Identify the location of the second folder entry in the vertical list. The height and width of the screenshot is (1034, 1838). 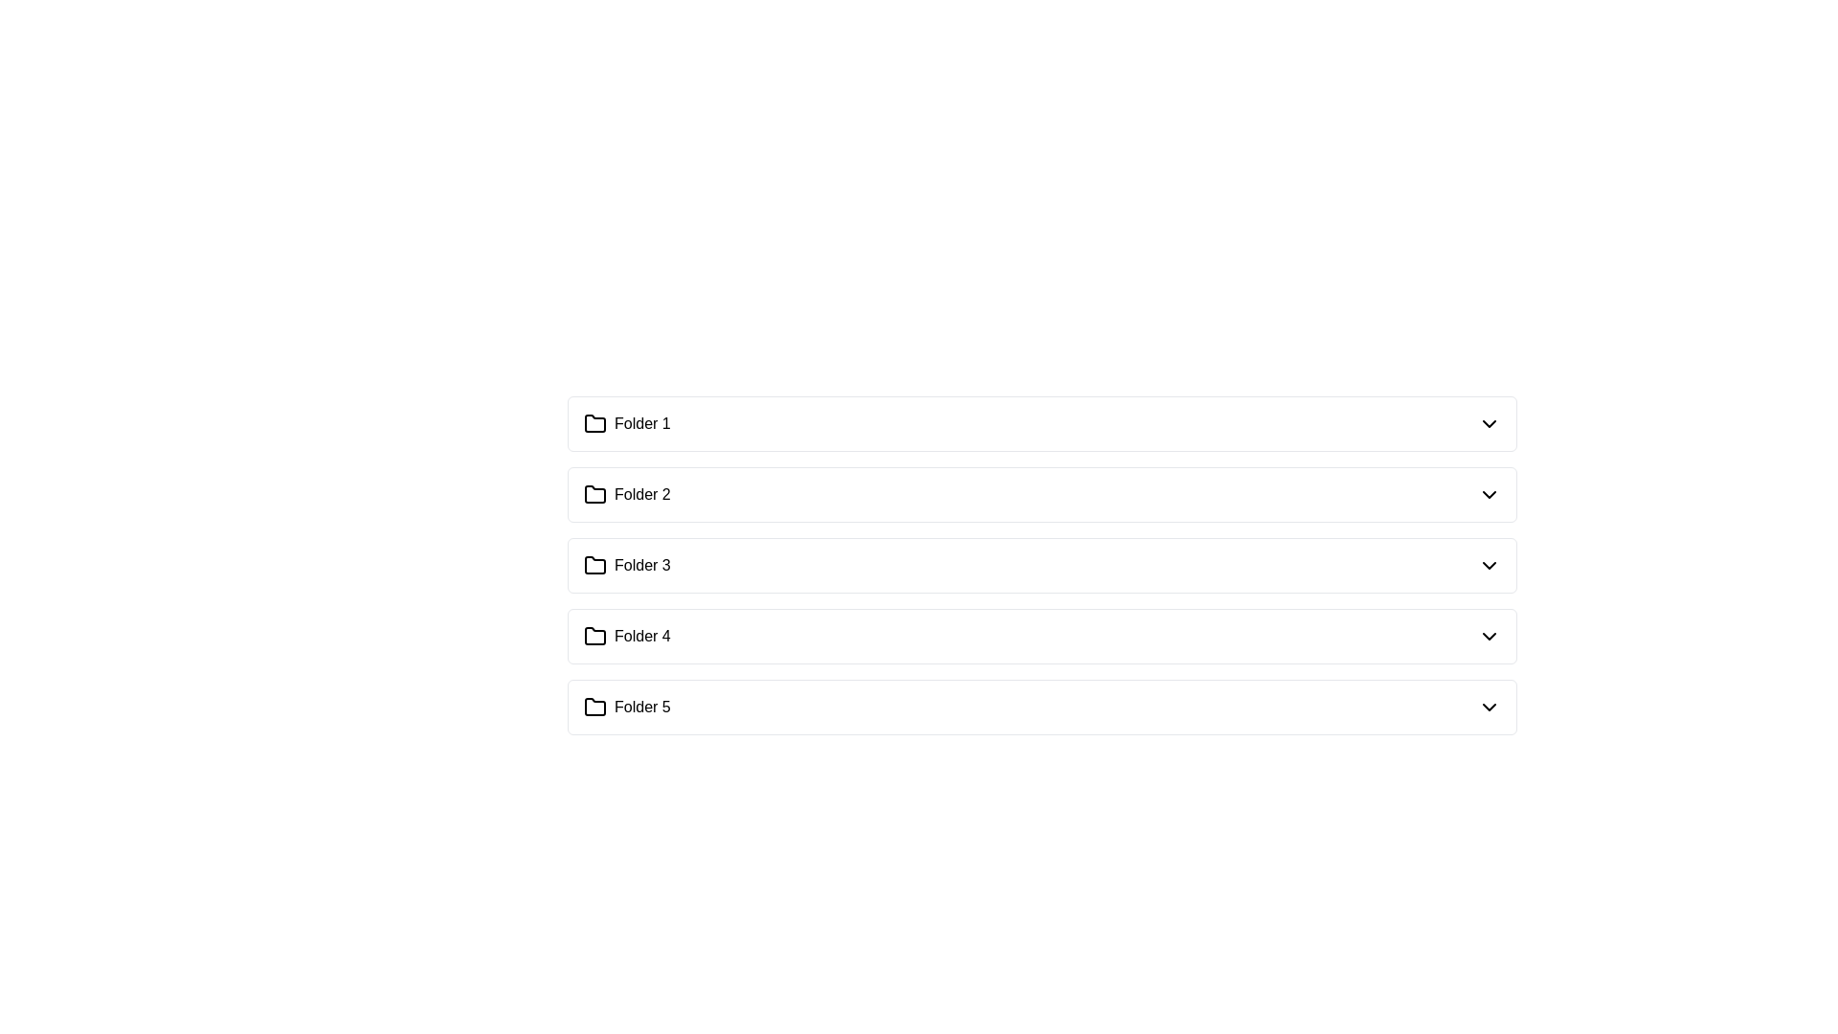
(1042, 493).